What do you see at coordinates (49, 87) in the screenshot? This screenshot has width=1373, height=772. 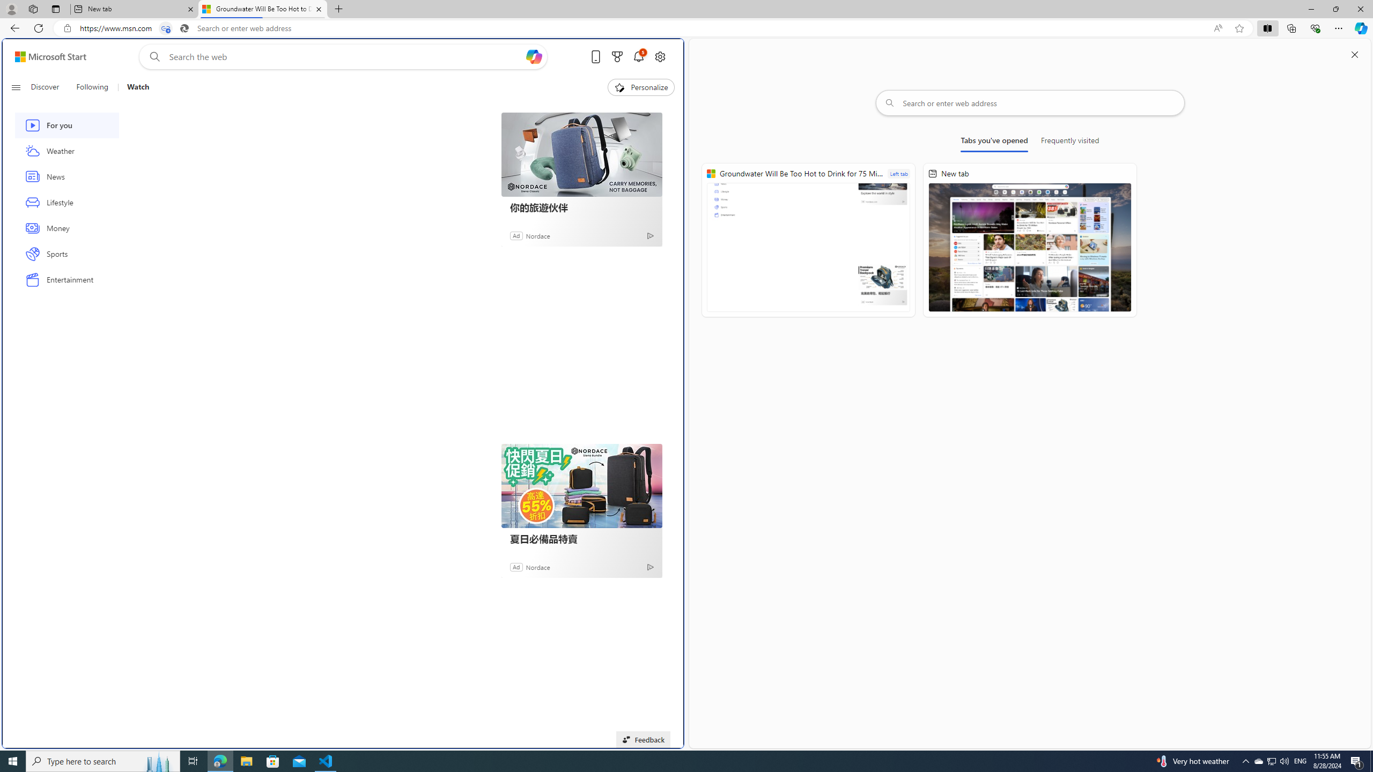 I see `'Discover'` at bounding box center [49, 87].